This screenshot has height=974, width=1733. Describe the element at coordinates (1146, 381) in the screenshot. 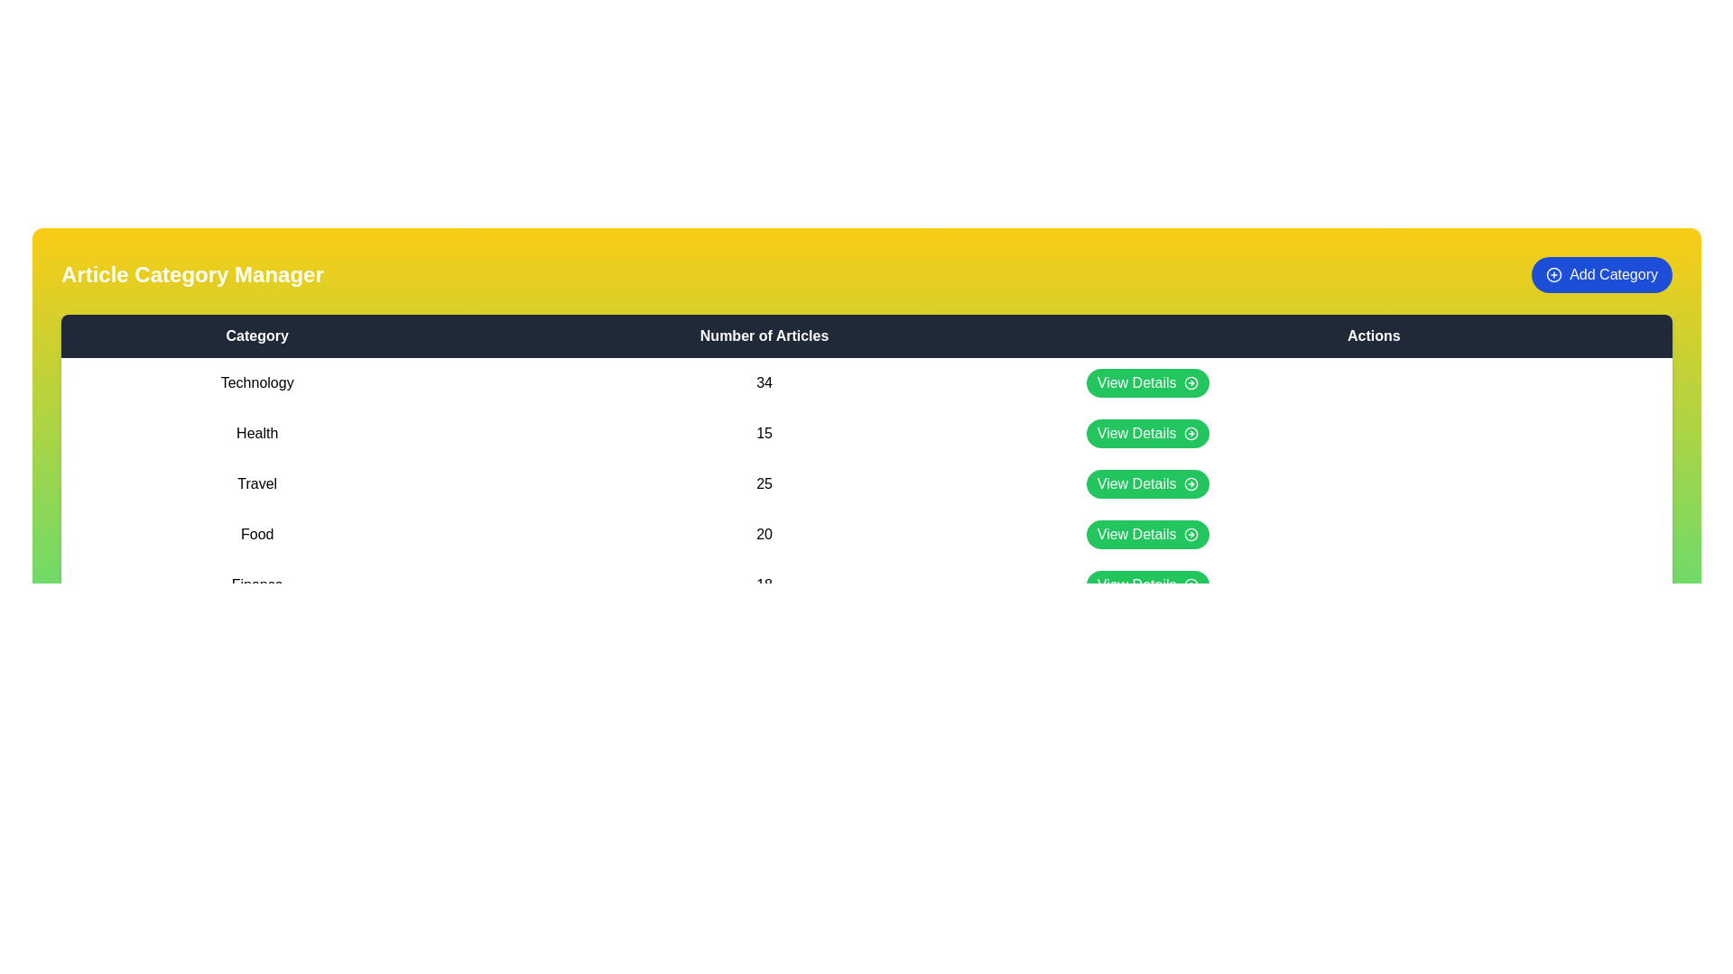

I see `the 'View Details' button for the category 'Technology'` at that location.